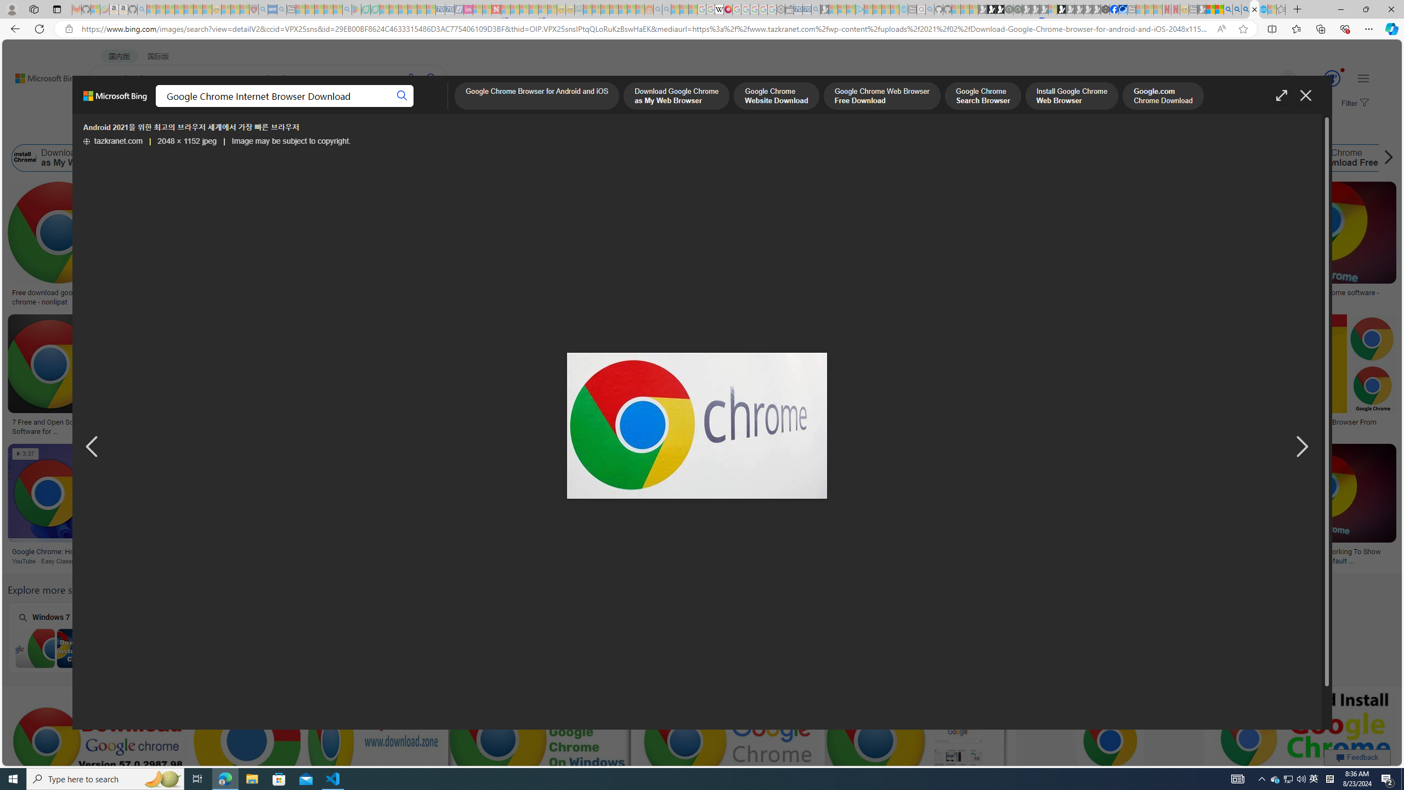 The image size is (1404, 790). I want to click on 'Close image', so click(1304, 95).